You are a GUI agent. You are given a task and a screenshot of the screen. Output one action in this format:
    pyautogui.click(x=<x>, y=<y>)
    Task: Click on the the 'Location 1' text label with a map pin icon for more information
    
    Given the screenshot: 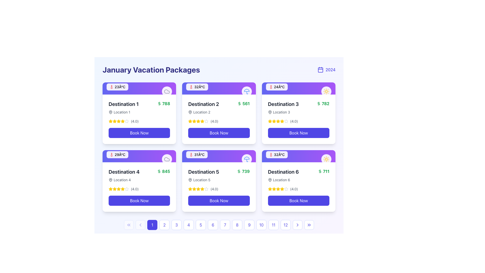 What is the action you would take?
    pyautogui.click(x=124, y=112)
    